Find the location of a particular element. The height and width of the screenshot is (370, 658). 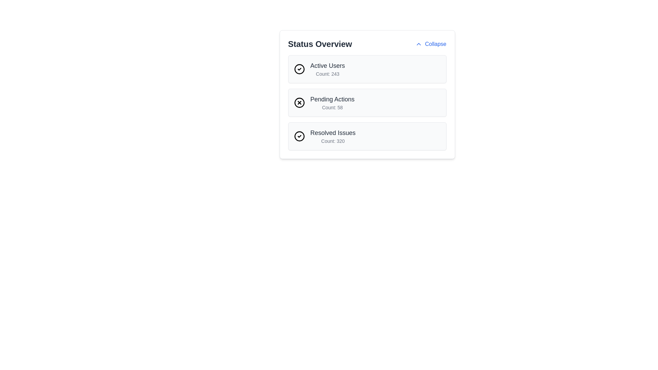

the informational display that shows the category label 'Pending Actions' and the count '58' within the second card of the 'Status Overview' list is located at coordinates (332, 103).